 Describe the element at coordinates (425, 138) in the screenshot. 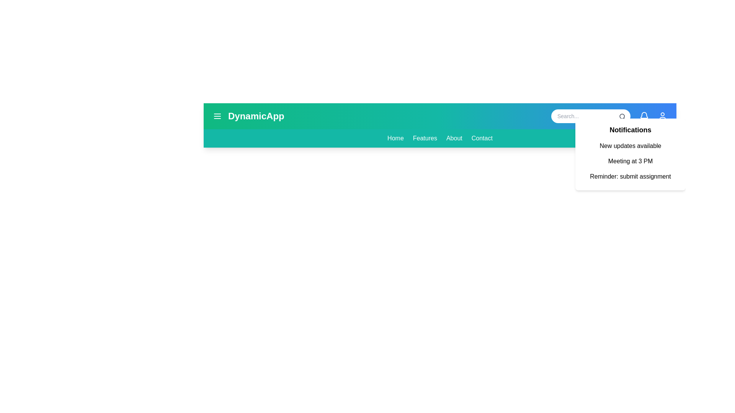

I see `the navigation menu item 'Features' to navigate to the respective section` at that location.